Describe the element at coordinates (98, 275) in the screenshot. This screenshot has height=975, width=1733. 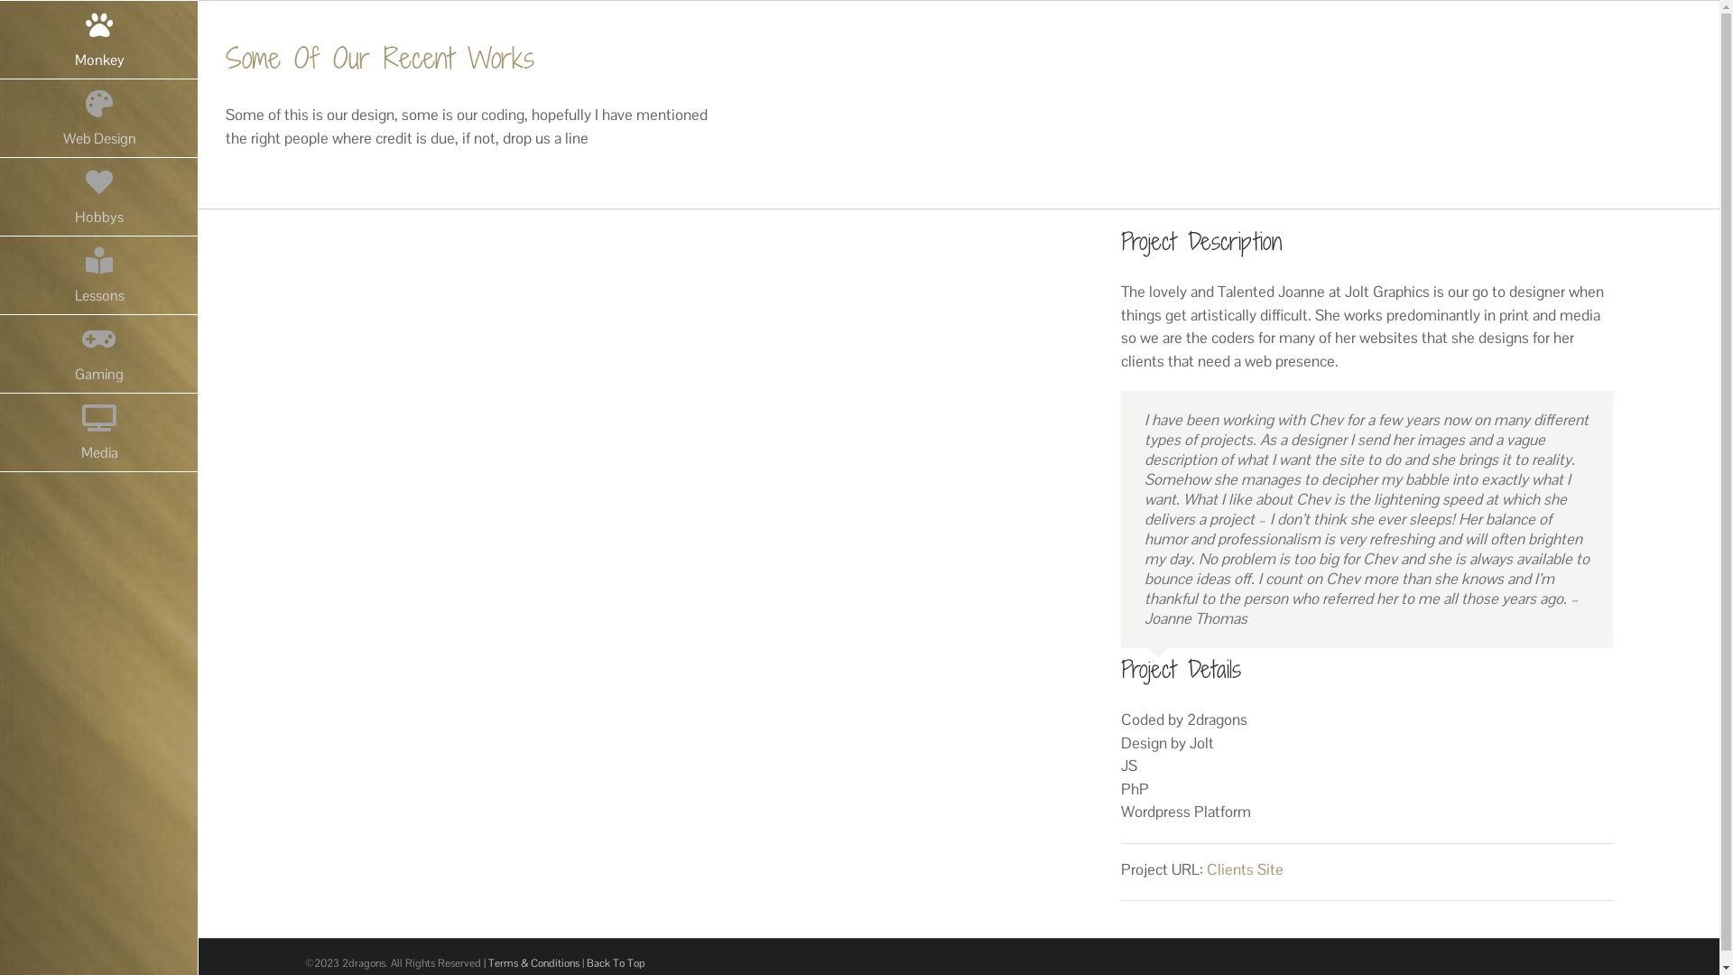
I see `'Lessons'` at that location.